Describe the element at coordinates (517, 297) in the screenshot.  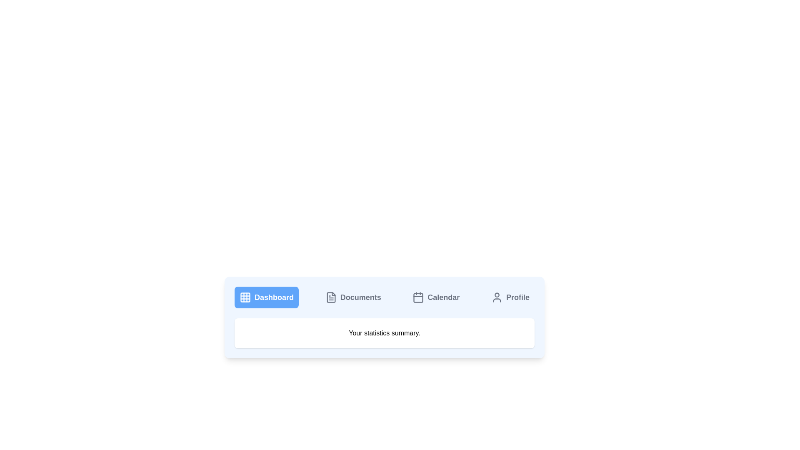
I see `the text label` at that location.